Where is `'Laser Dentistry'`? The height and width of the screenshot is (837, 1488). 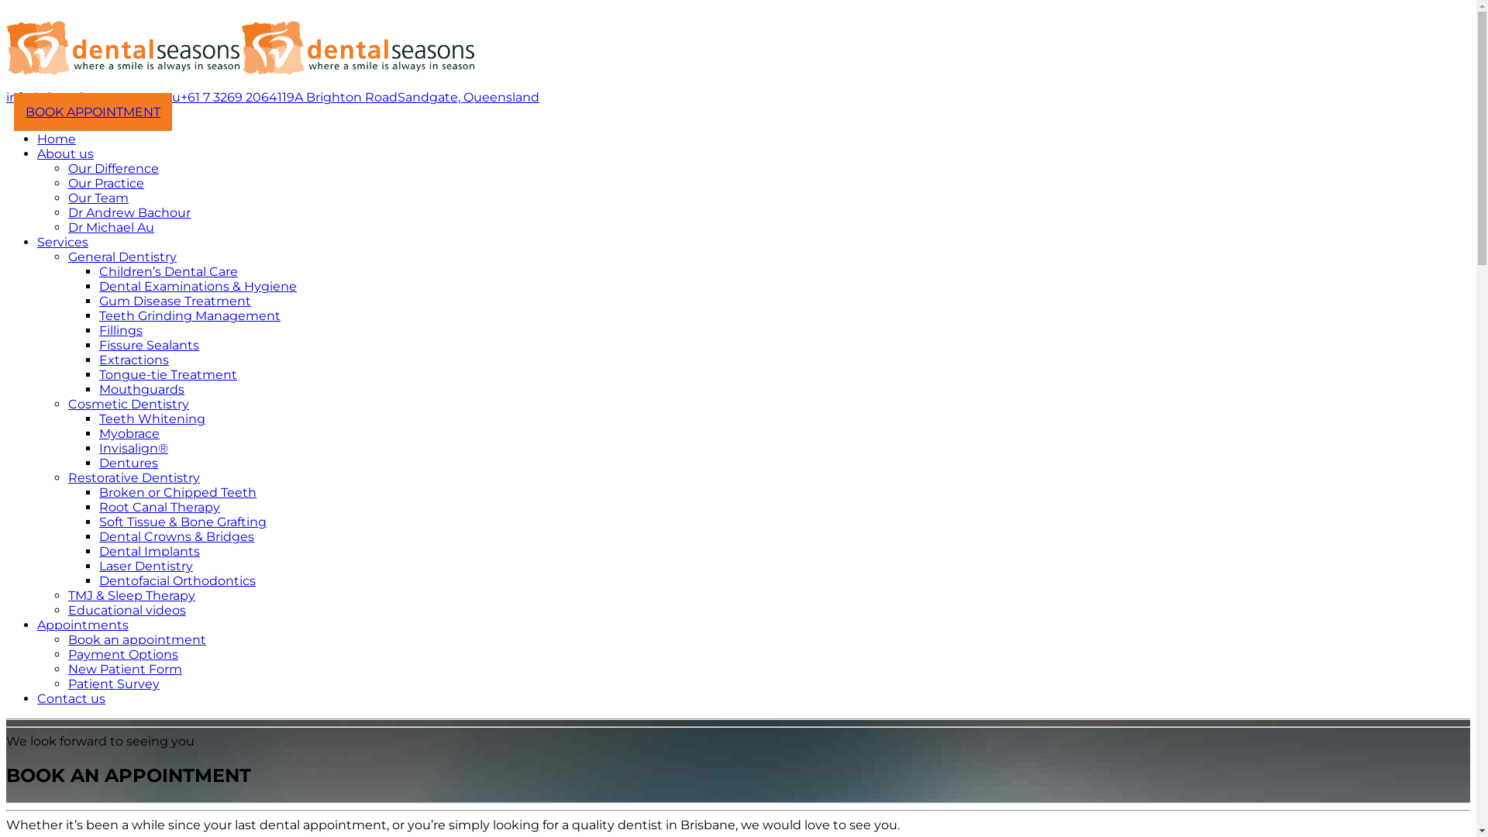 'Laser Dentistry' is located at coordinates (98, 566).